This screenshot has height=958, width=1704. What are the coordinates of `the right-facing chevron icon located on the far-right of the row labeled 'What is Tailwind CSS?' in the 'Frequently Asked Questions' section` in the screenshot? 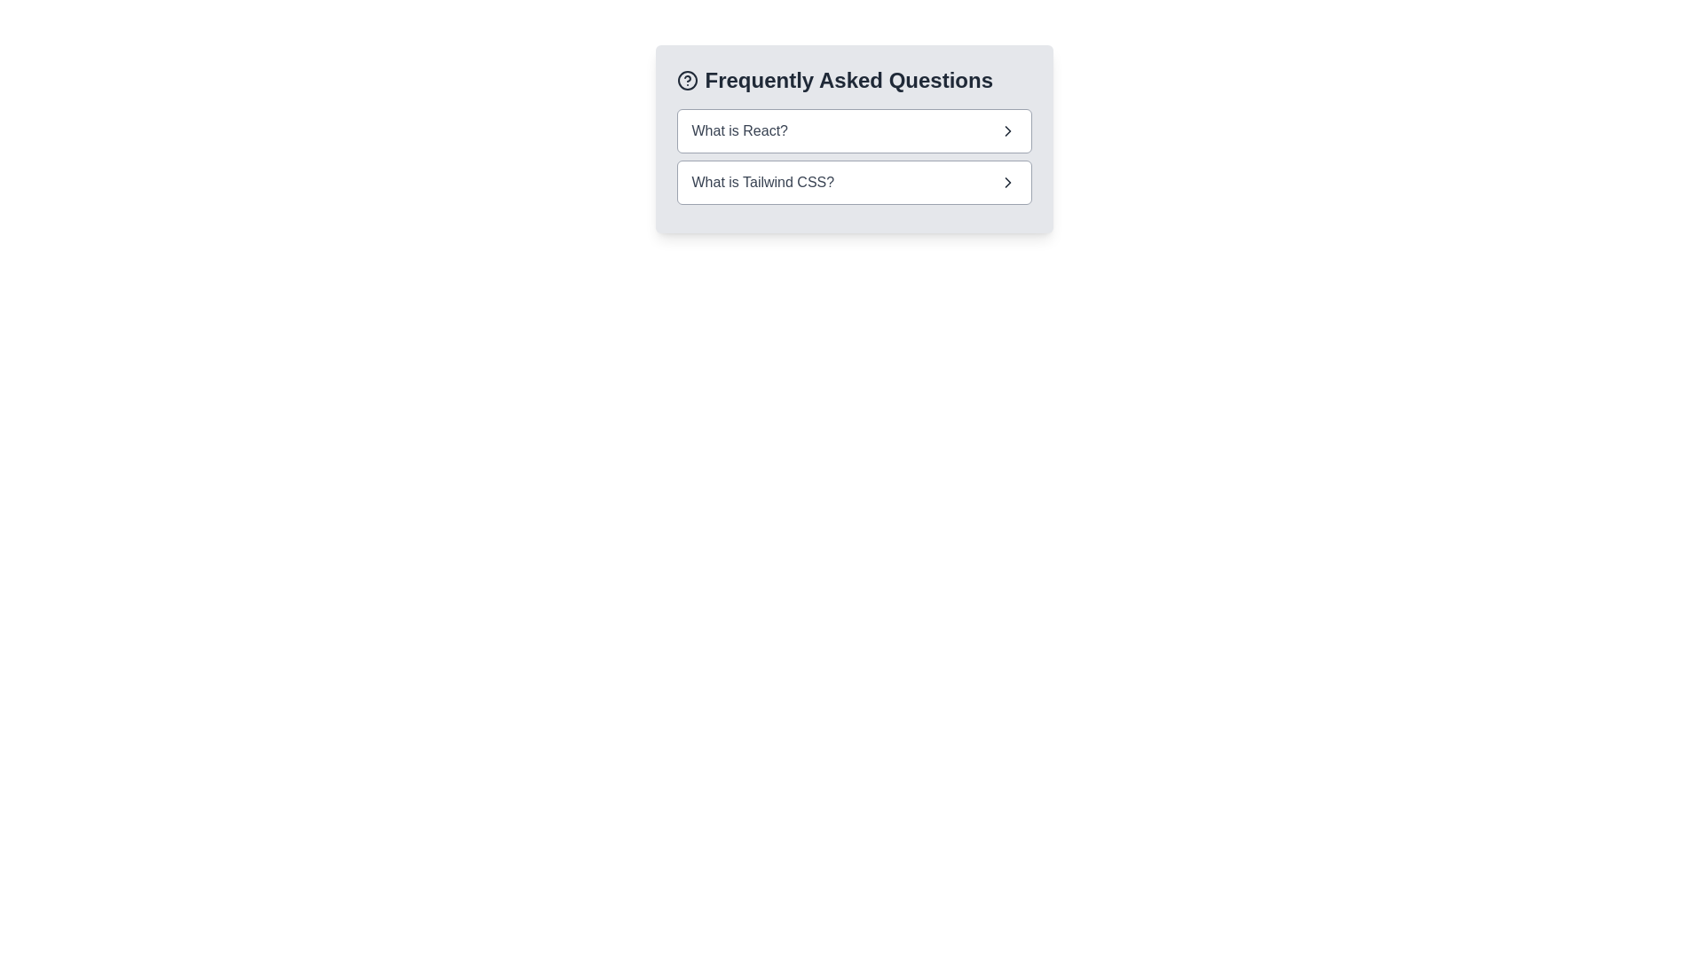 It's located at (1007, 182).